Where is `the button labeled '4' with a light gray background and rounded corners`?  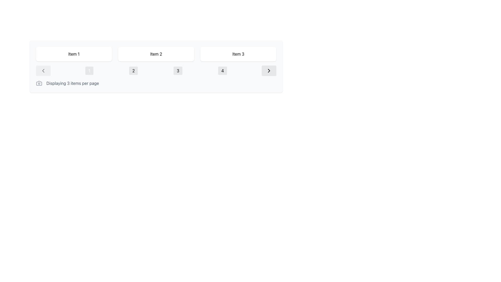 the button labeled '4' with a light gray background and rounded corners is located at coordinates (223, 70).